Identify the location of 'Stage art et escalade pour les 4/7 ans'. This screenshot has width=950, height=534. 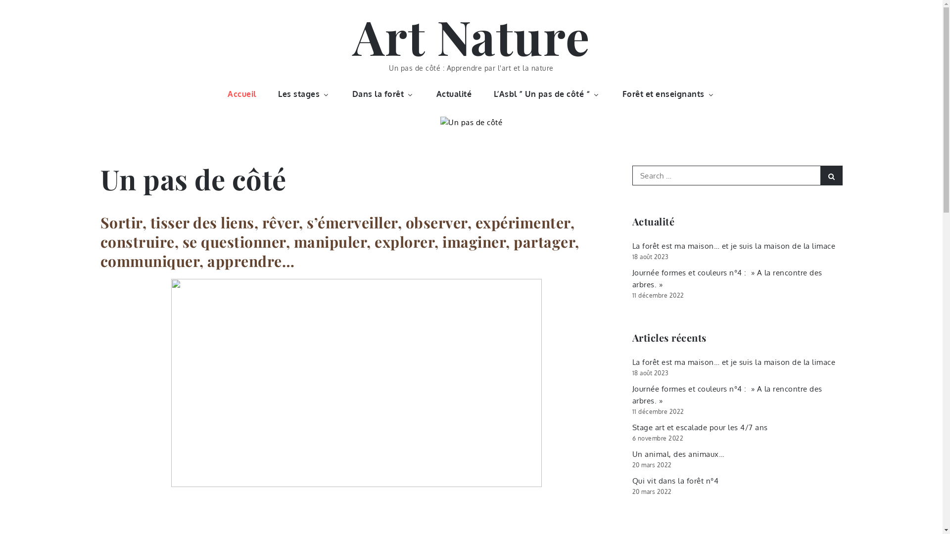
(700, 427).